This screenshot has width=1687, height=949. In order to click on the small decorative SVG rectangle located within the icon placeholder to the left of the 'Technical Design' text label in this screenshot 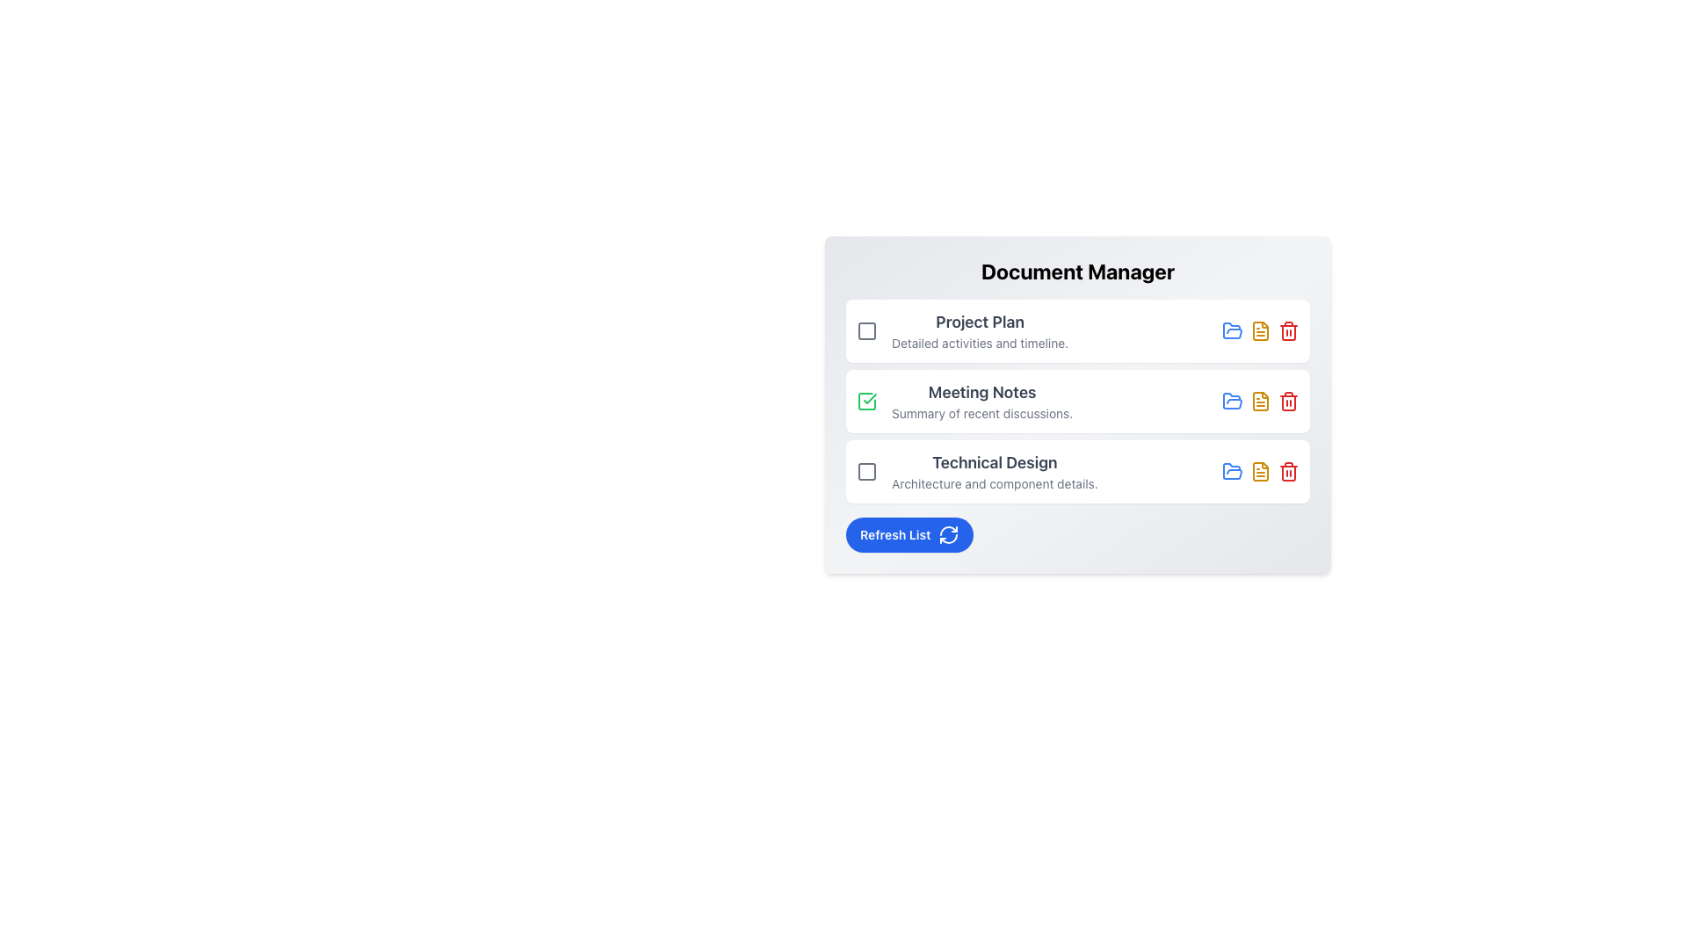, I will do `click(867, 470)`.